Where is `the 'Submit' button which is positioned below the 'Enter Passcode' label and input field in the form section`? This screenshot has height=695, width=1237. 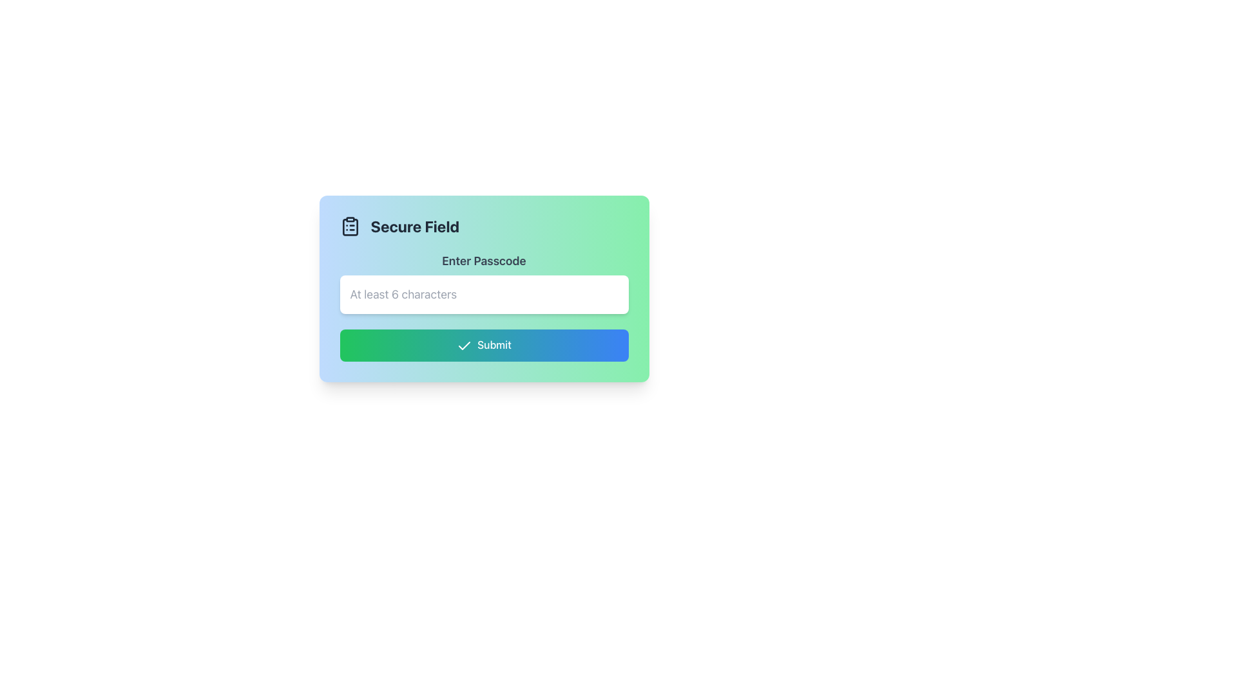
the 'Submit' button which is positioned below the 'Enter Passcode' label and input field in the form section is located at coordinates (483, 344).